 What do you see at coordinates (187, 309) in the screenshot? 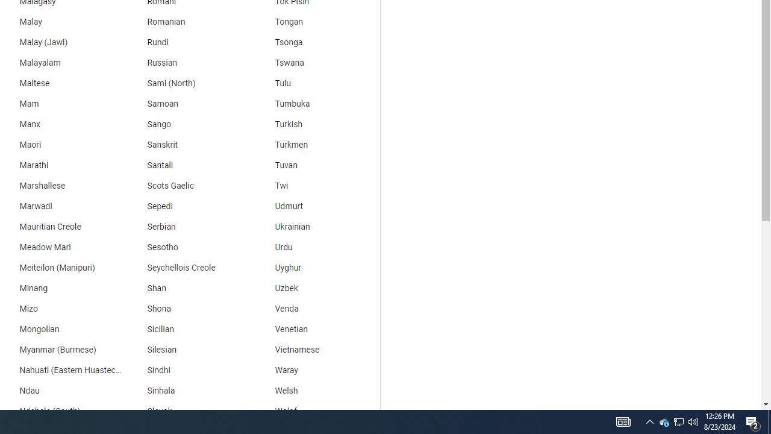
I see `'Shona'` at bounding box center [187, 309].